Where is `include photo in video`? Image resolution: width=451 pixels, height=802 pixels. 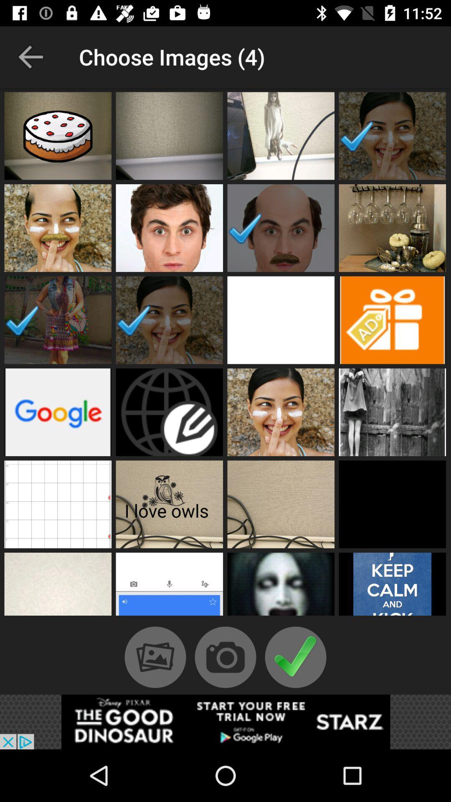
include photo in video is located at coordinates (392, 228).